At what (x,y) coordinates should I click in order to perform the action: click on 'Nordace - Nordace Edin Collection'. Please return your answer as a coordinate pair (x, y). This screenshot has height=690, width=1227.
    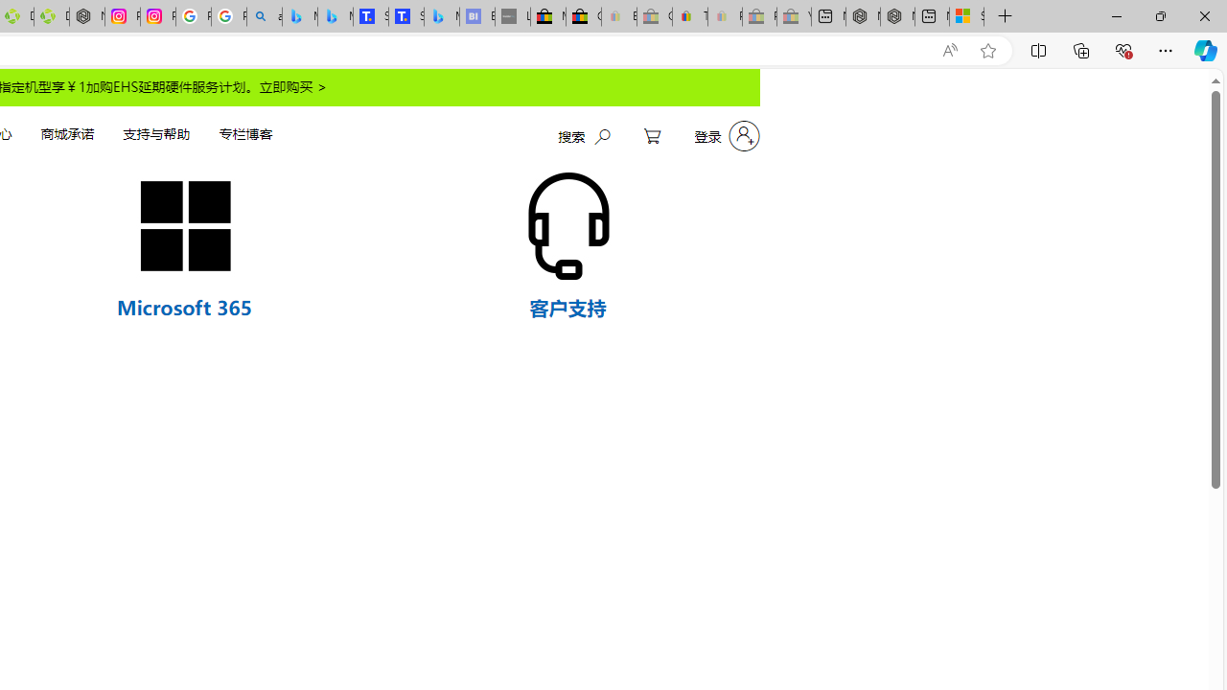
    Looking at the image, I should click on (85, 16).